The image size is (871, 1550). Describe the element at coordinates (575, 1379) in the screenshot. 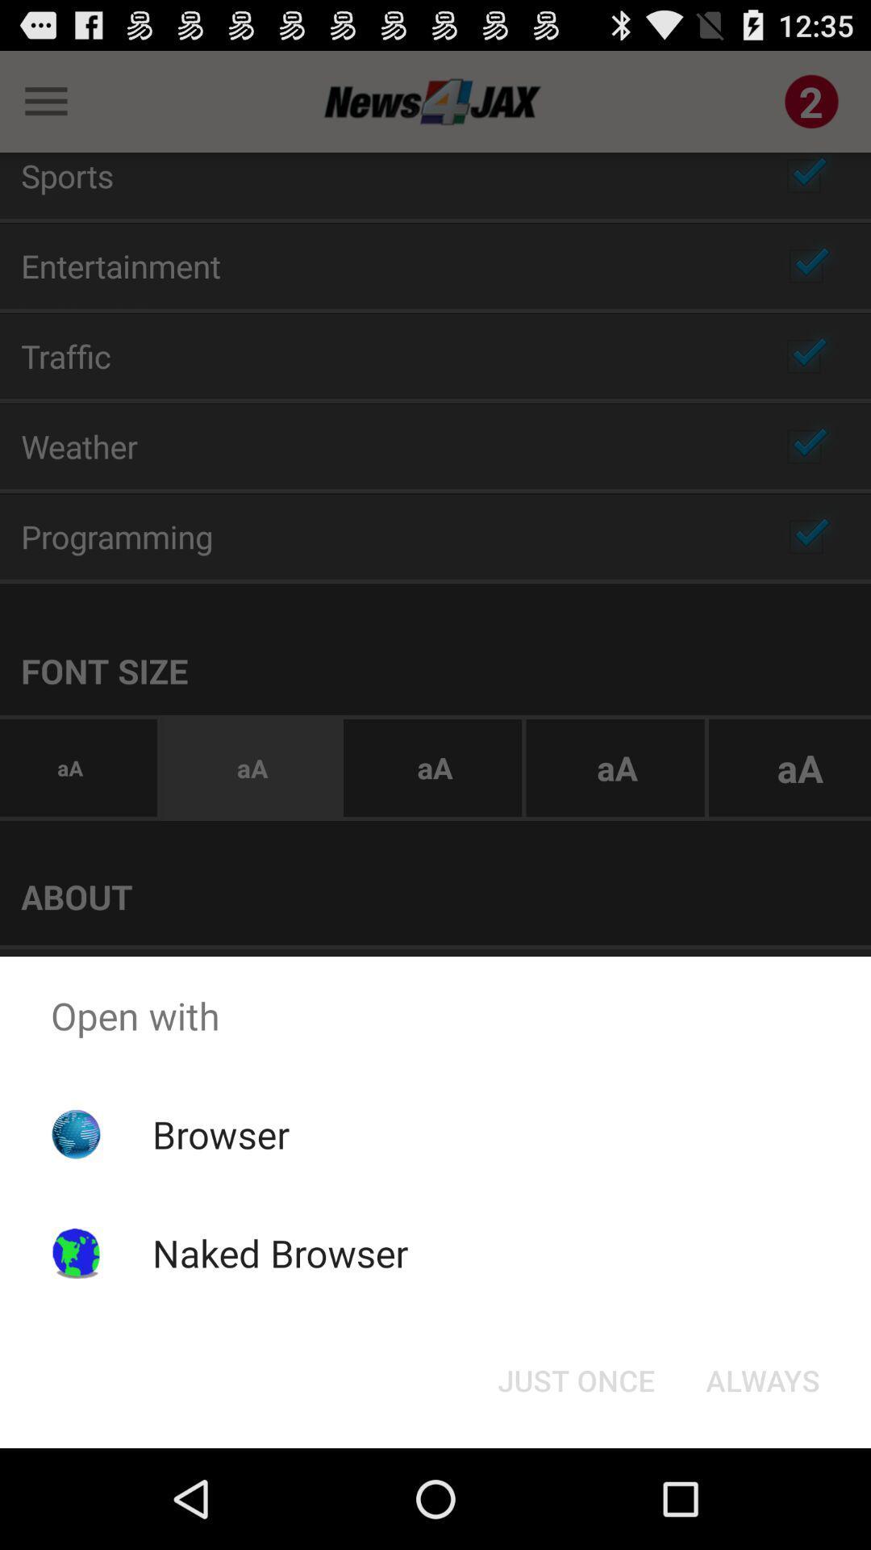

I see `the button next to the always` at that location.